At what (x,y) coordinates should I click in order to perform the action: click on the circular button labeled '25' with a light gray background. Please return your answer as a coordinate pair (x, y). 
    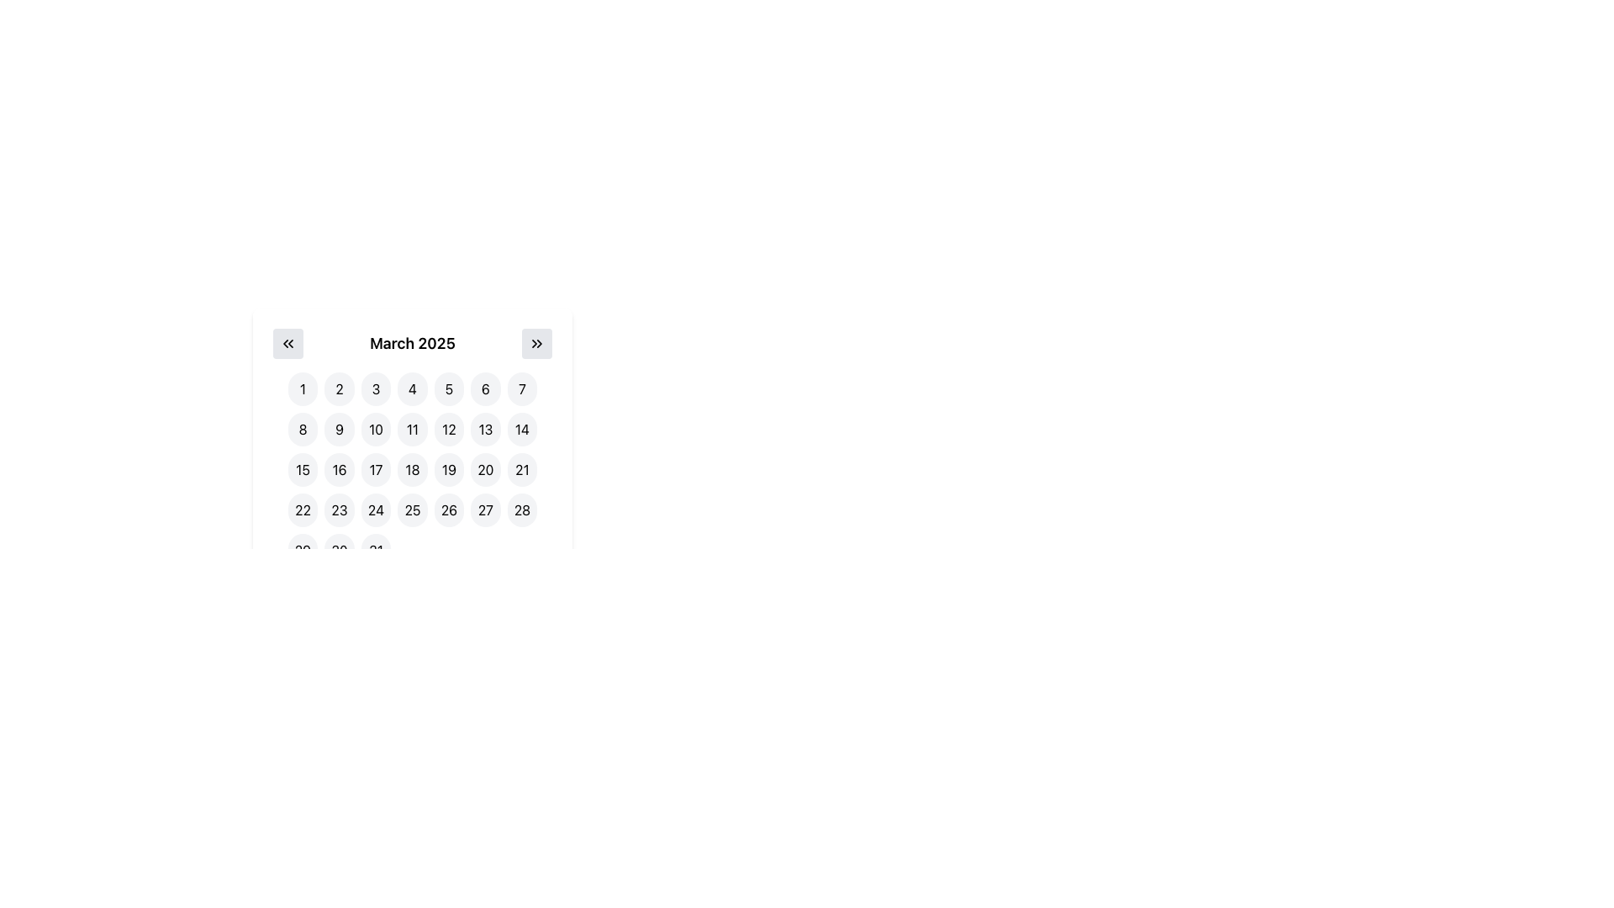
    Looking at the image, I should click on (412, 509).